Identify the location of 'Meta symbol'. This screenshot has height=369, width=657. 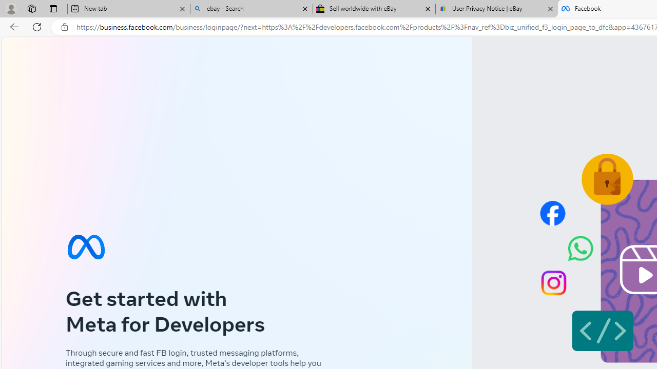
(86, 247).